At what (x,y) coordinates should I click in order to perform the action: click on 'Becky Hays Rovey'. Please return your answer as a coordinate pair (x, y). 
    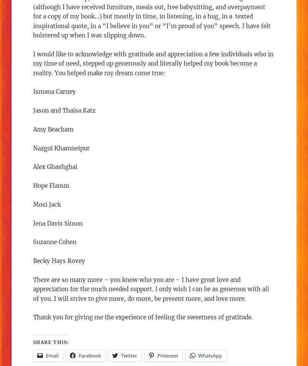
    Looking at the image, I should click on (59, 261).